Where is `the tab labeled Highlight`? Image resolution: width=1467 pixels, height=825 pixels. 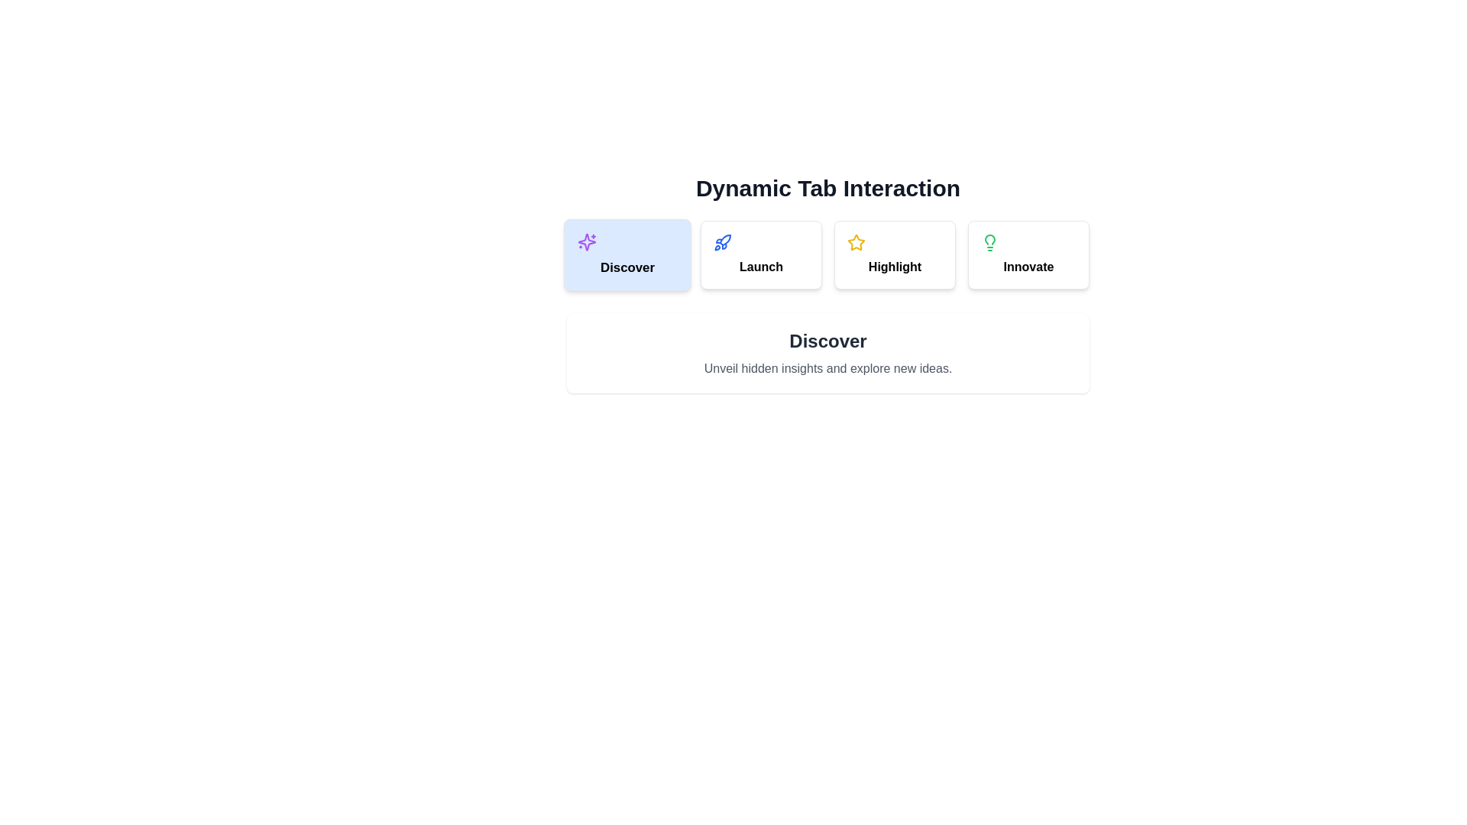
the tab labeled Highlight is located at coordinates (895, 254).